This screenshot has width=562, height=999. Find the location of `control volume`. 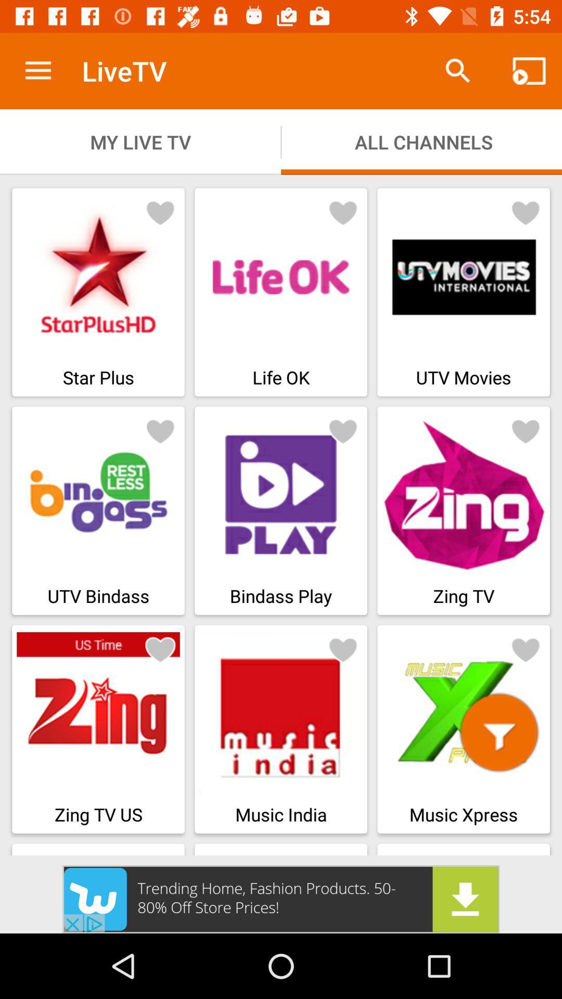

control volume is located at coordinates (499, 732).